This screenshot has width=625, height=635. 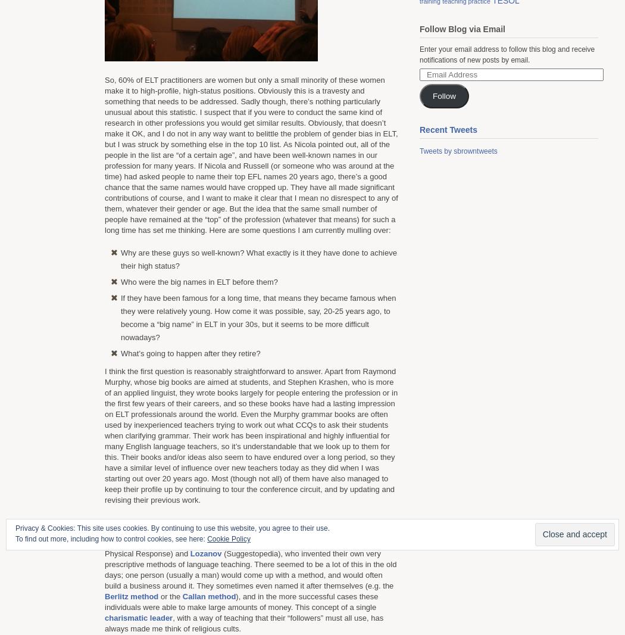 I want to click on 'Lozanov', so click(x=205, y=553).